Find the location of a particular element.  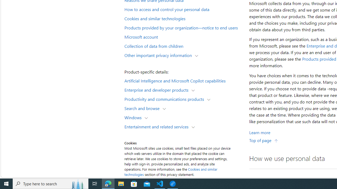

'Search and browse' is located at coordinates (143, 108).